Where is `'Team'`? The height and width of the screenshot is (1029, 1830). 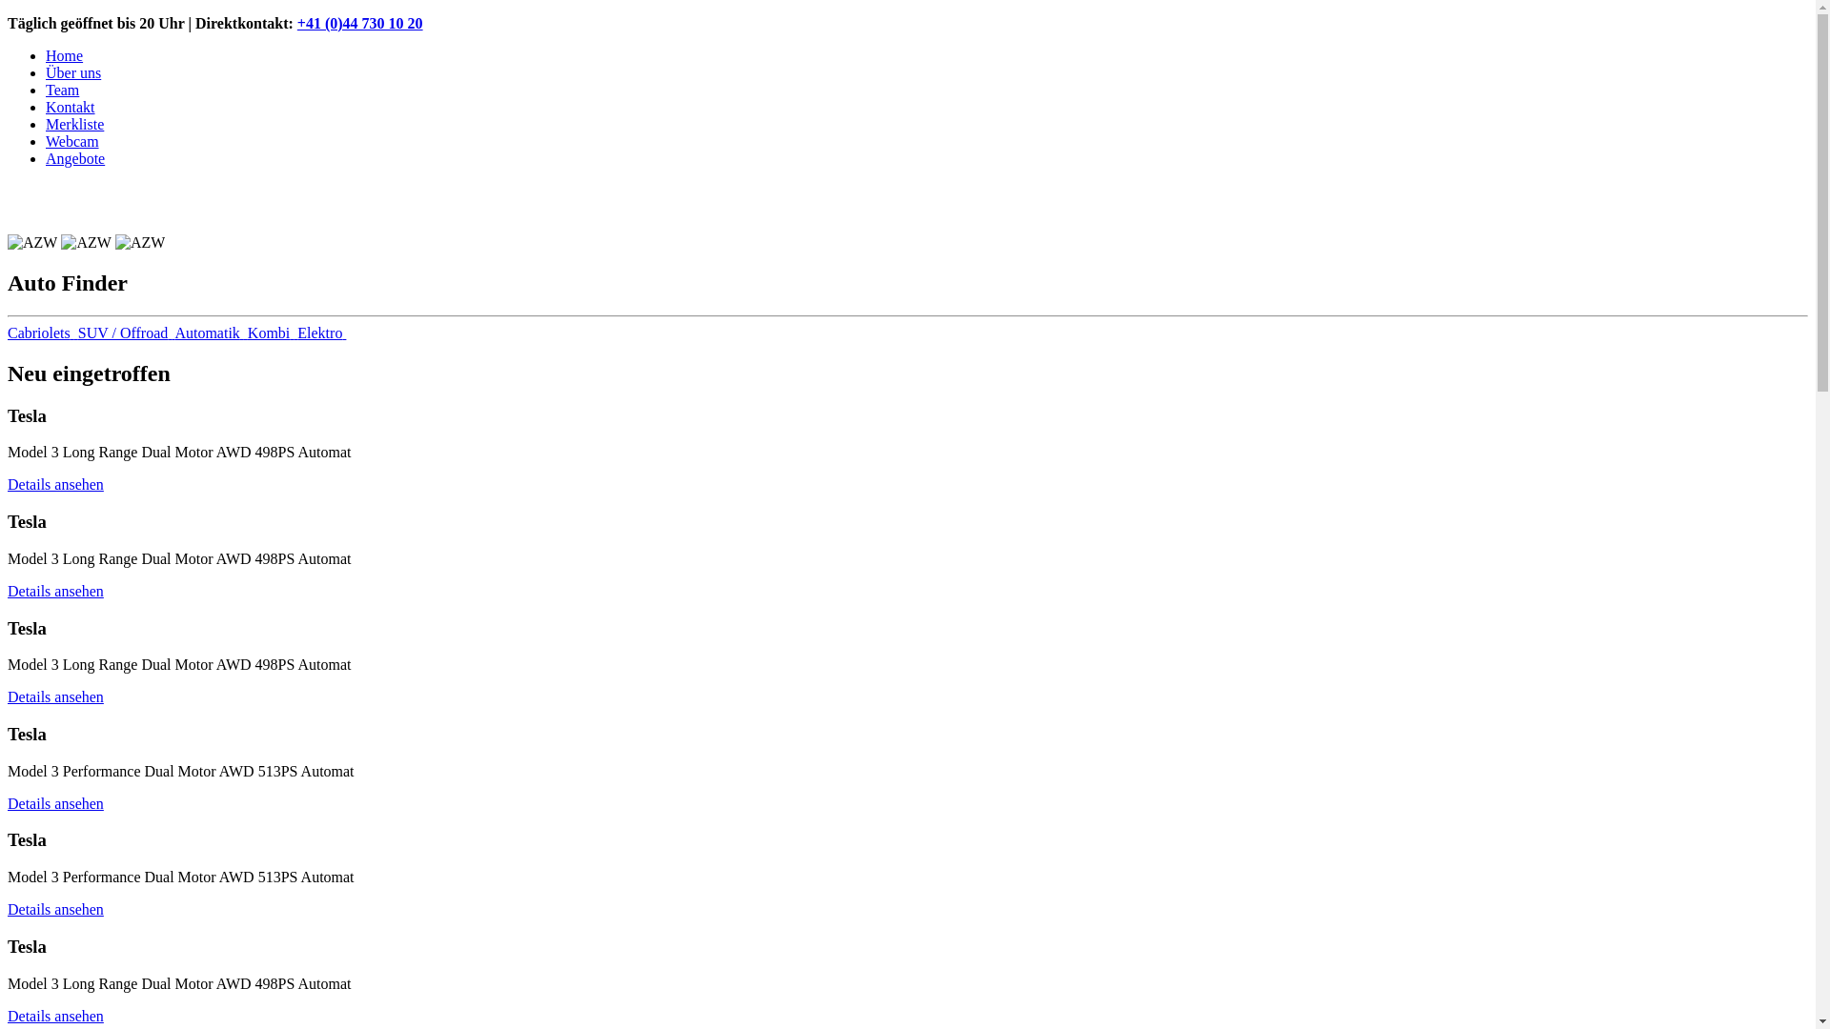 'Team' is located at coordinates (46, 90).